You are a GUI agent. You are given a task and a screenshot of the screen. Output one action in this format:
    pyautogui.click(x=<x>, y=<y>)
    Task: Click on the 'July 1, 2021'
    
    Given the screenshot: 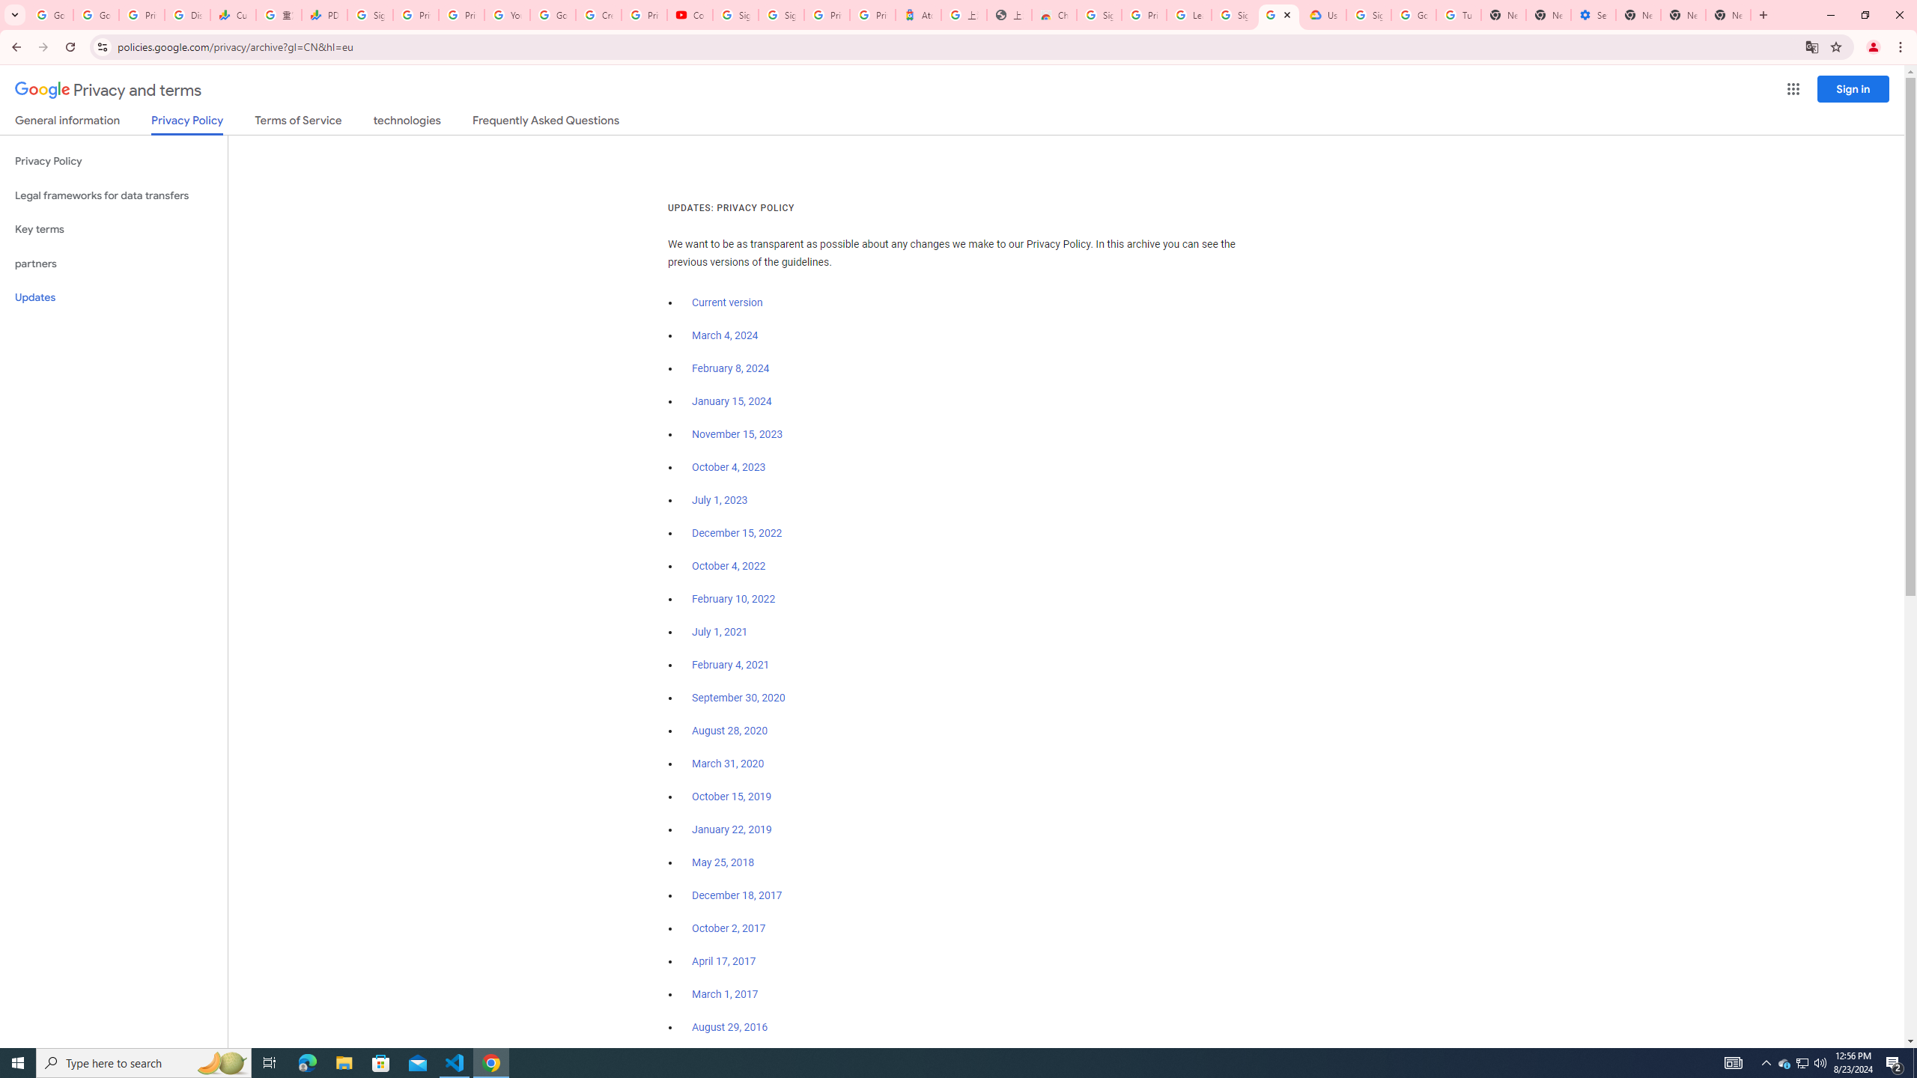 What is the action you would take?
    pyautogui.click(x=720, y=633)
    